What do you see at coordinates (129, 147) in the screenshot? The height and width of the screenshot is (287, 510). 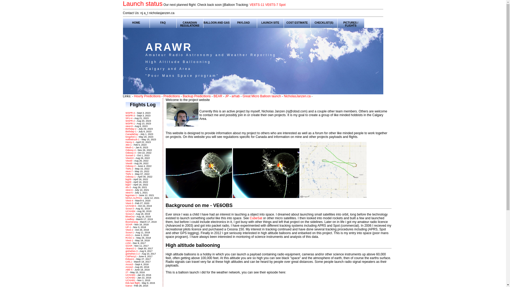 I see `'Mesh-1'` at bounding box center [129, 147].